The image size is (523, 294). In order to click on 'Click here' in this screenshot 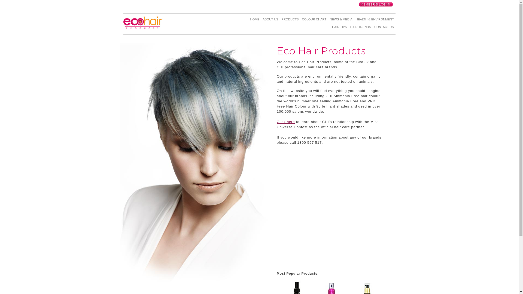, I will do `click(277, 121)`.